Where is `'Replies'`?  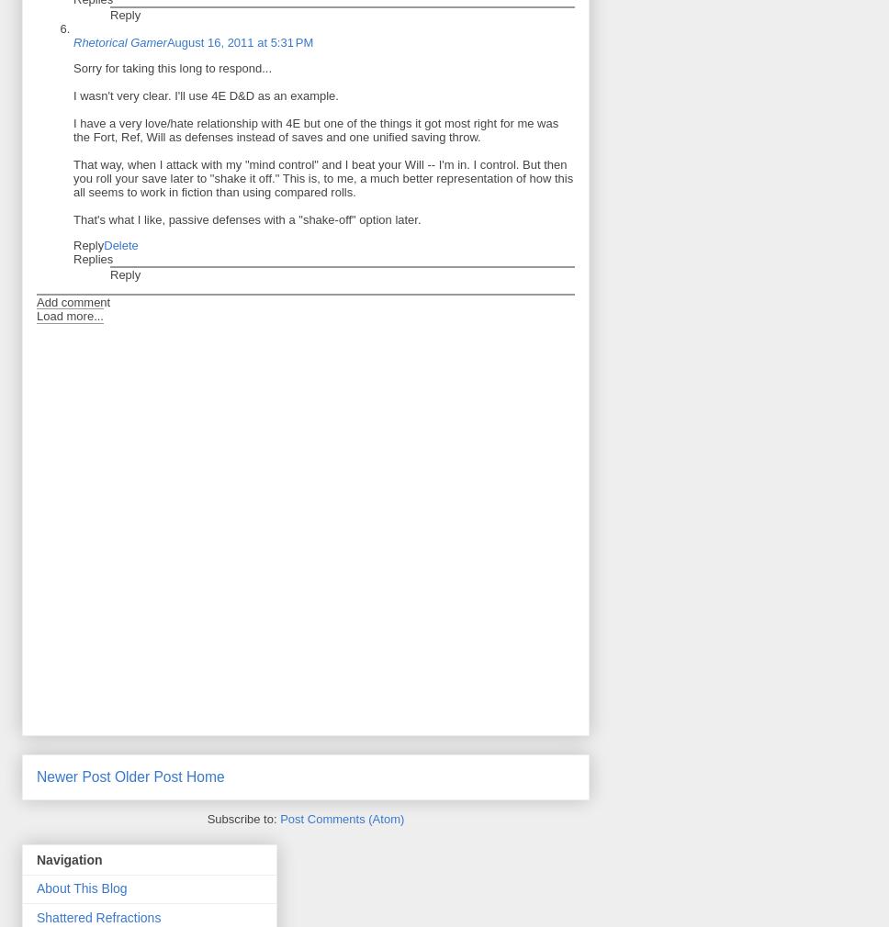
'Replies' is located at coordinates (93, 258).